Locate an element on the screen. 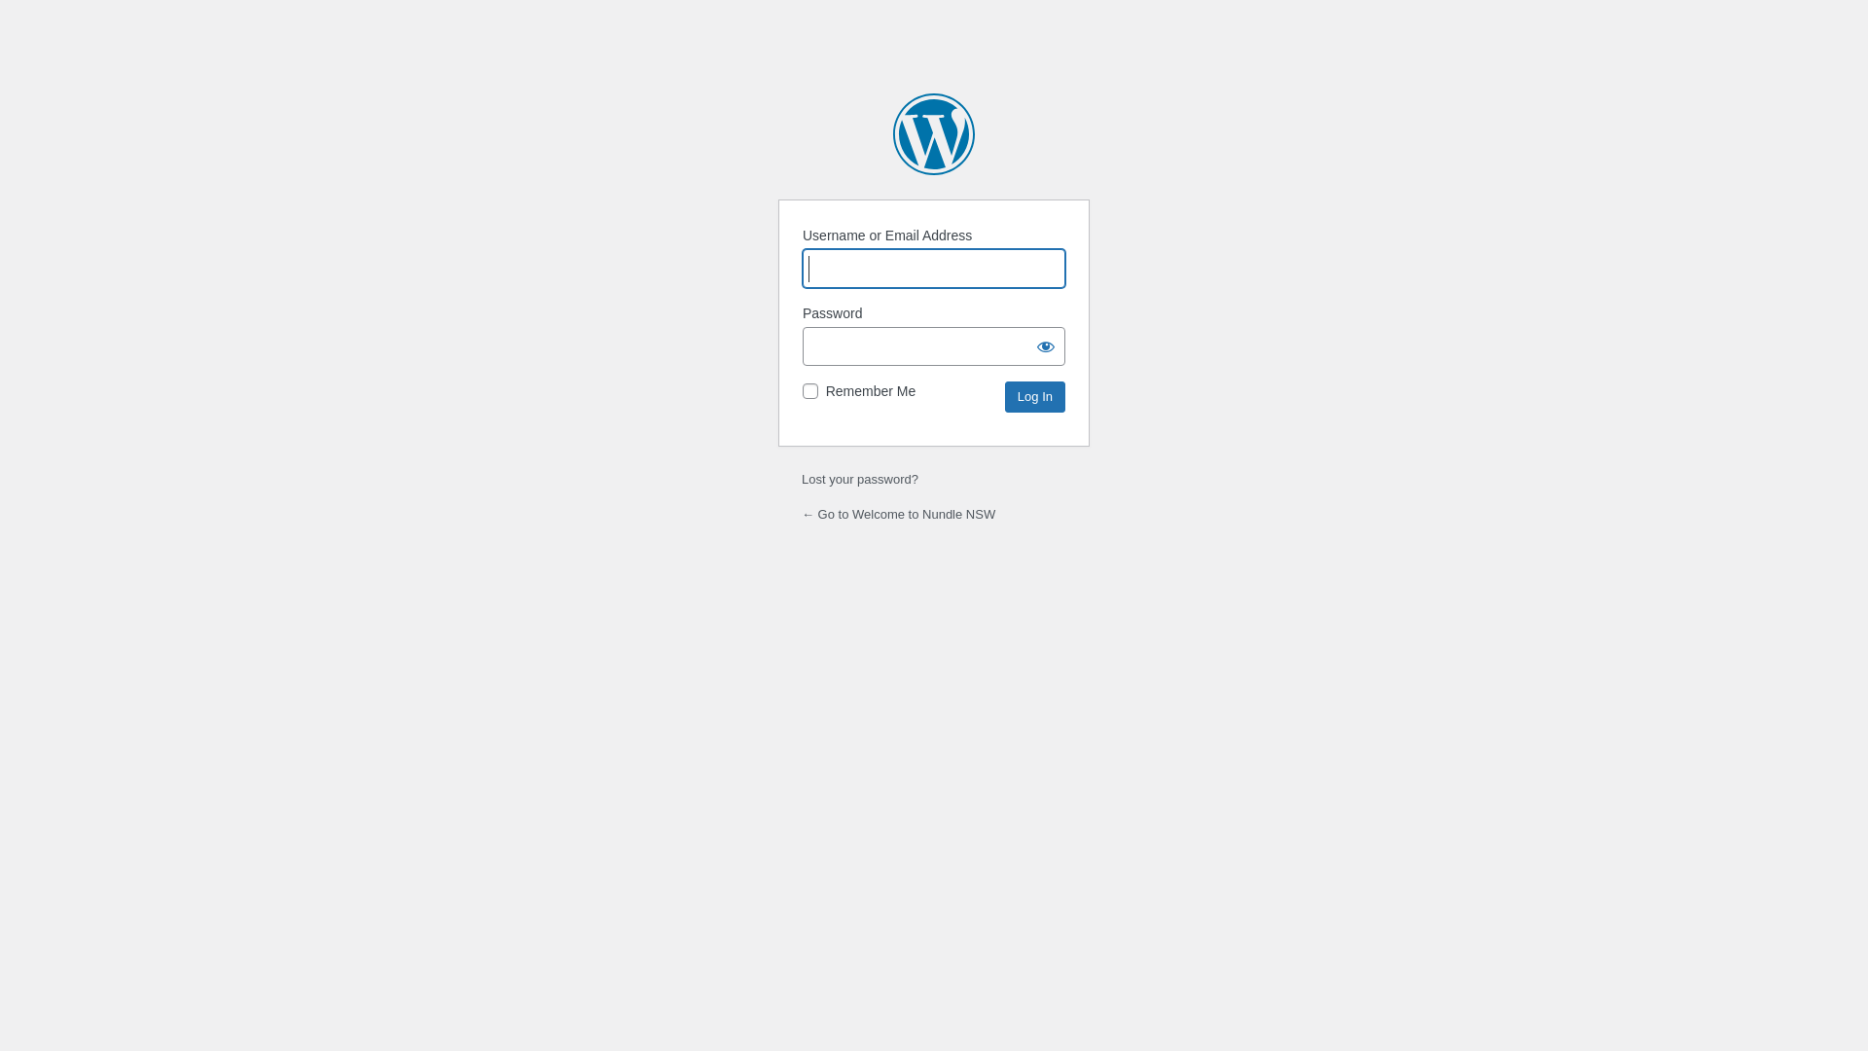  'Log In' is located at coordinates (1034, 396).